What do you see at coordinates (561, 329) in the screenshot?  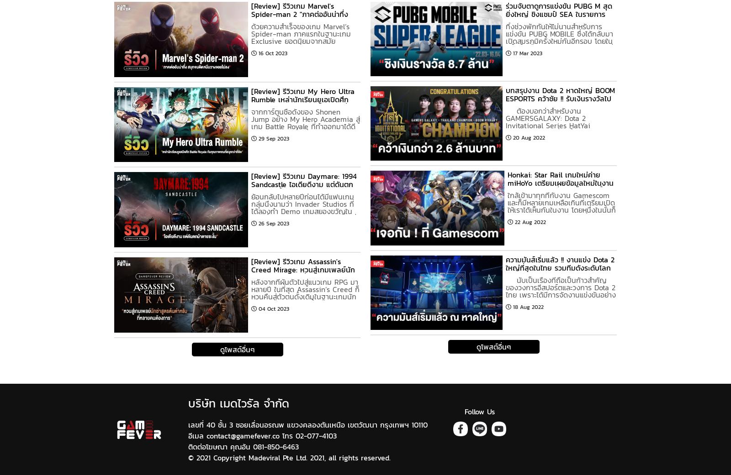 I see `'ใกล้เข้ามาทุกทีกับงาน Gamescom และก็มีหลายเกมเหลือเกินที่เตรียมเปิดให้เราได้เห็นกันในงาน โดยหนึ่งในนั้นก็มาจากค่ายเกม miHOYO ที่พัฒนาเกมดาวรุ่งไว้มากมายอย่าง Honkai Impact, Genshin Impact และอื่น ๆ เอง ก็เตรียมขนขบวนยกเกมสดใหม่ชื่อ Honkai: Star Rail มาเปิดตัวในงานนี้นั่นเองจากข้อมูลตัวเกมช่วงปีที่ผ่านมาได้กล่าวเอาไว้ว่า Honkai: Star Rail จะเป็นเกมวางแผนระบบ RPG เล่นฟรีในธีมไซไฟ อ้างอิงเนื้อเรื่องจักรวาลเดียวกับซีรีส์ Honkai วางแผนเปิดให้เล่นในแพลตฟอร์ม Android, iOS และ PC ก็ไม่ได้มีข้อมูลอะไรเพิ่มอีก แต่ไม่นานนี้ พิธีกรของงาน Geoff Keighley ก็ได้ออกมาลงข้อความทวิตเตอร์แจ้งข่าวเหมือนกับที่เขาลงเกมอื่น ๆ ว่าตัว Honkai: Star Rail จะเผยข้อมูลตัวใหม่ในงาน Gamescom ให้เราได้เข้าถึงตัวเกมและปูมหลังตัวละครกันได้มากขึ้นกว่าเดิมจากคำกล่าวข้างต้นก็เป็นไปได้ว่านอกจากจะมีการเปิดเผยตัวอย่างใหม่ของเกมแล้ว ทาง Honkai: Star Rail ก็อาจจะเผยเกมเพลย์บางส่วนให้เราได้ชม รวมไปถึงวันที่เราจะสามารถดาวน์โหลดเล่นเช่นกัน ทั้งนี้ miHOYO ก็ยังมีเกม Zenless Zone Zero ที่เพิ่งปิด CBT ไปจ่อเปิดให้เล่นอีกตัวเหมือนกัน แหม เป็นเวลานาทีทองของค่ายนี้ นับจากที่ประสบความสำเร็จจากเกม Genshin Impact อย่างล้นหลามเสียจริง ดังนั้นหากใครรักและหลงกับคุณภาพเกมค่ายนี้ก็อย่าพลาดรับชมงาน Gamescom ในวันที่ 24 สิงหาคม 2022 นี้เชียวCredit - gamingbolt'` at bounding box center [561, 329].